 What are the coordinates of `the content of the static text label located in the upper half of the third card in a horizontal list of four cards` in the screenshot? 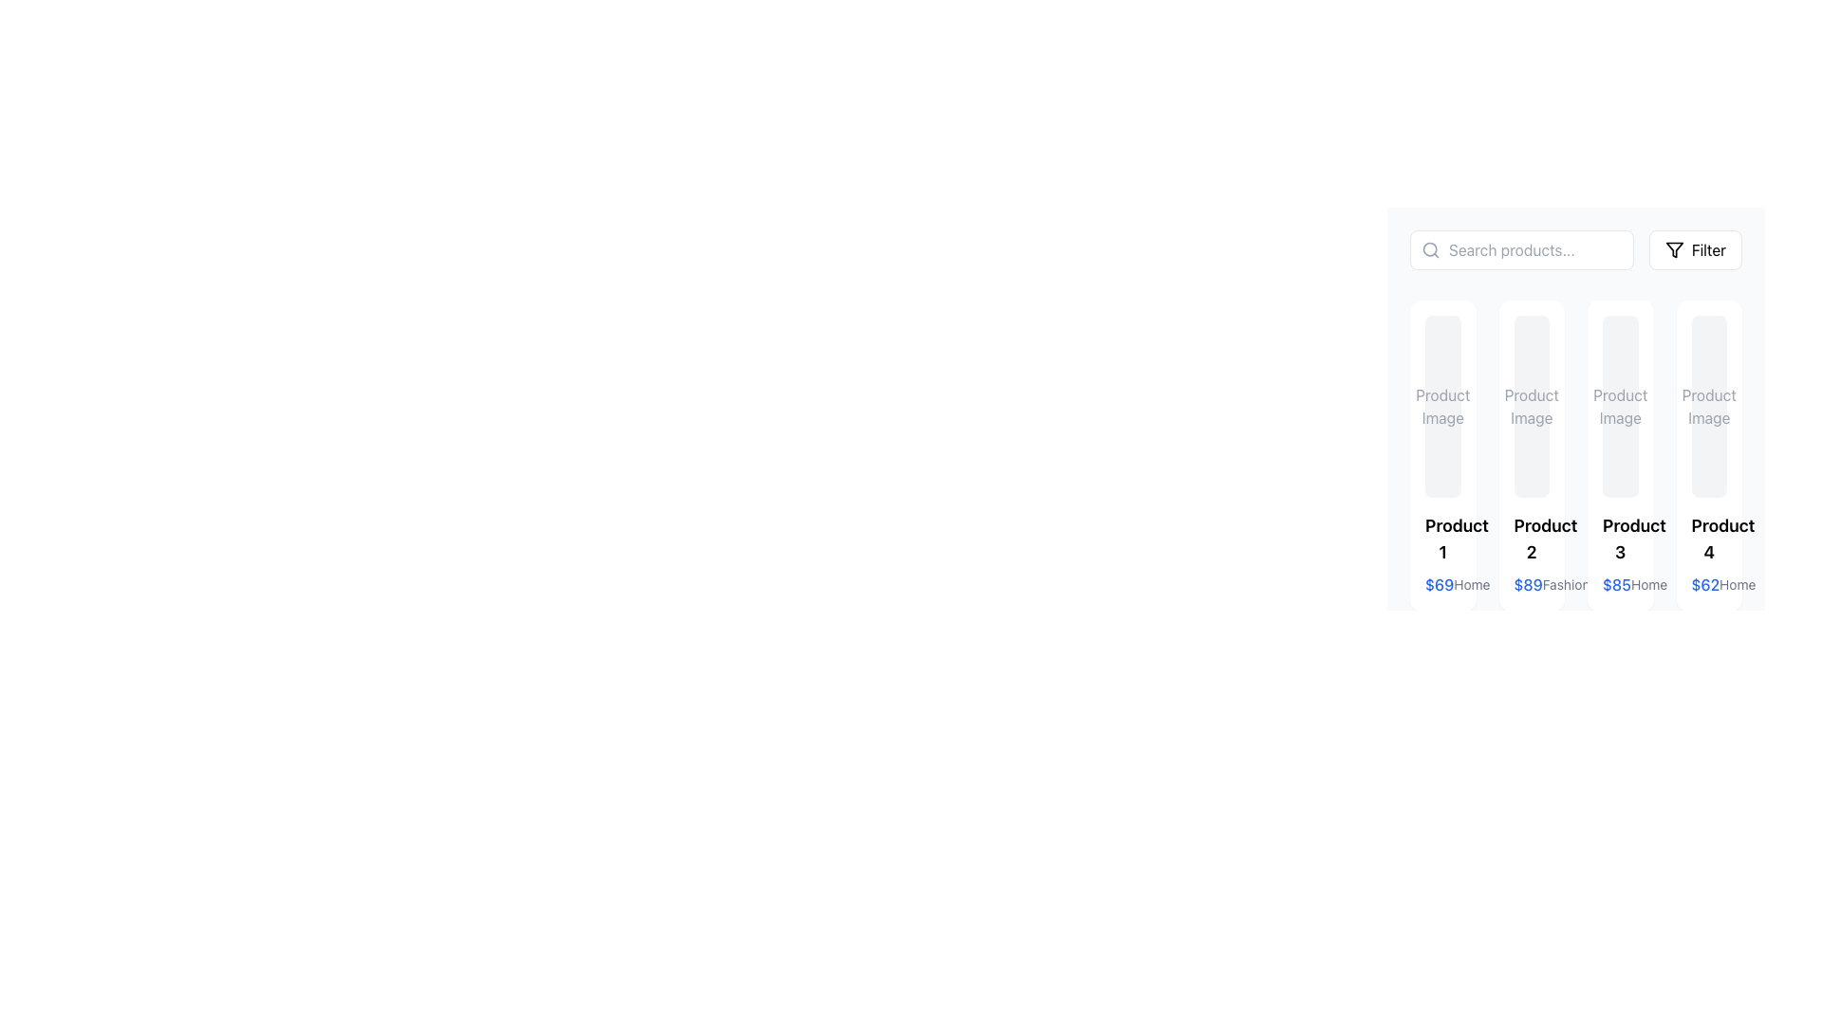 It's located at (1619, 405).